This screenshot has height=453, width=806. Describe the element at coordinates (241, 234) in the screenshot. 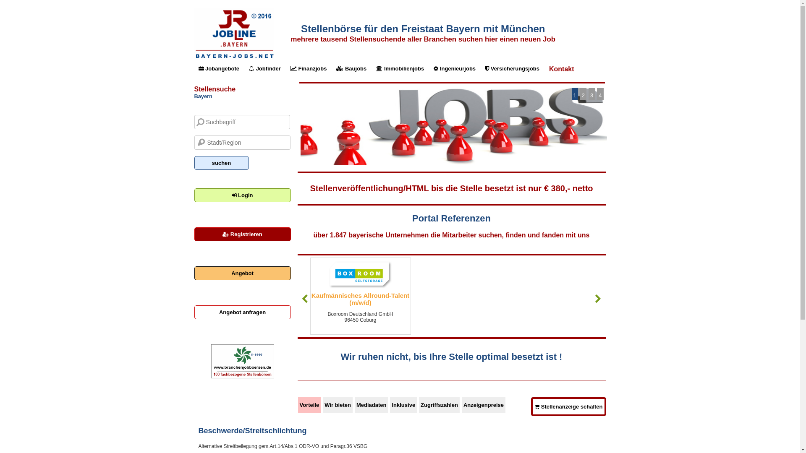

I see `'Registrieren'` at that location.